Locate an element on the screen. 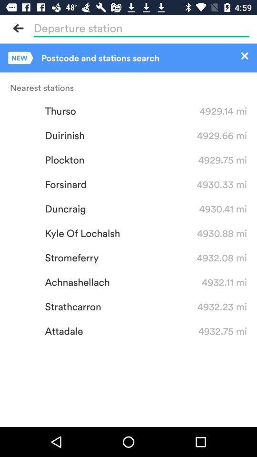  the highlighted area is for entering in your destination information is located at coordinates (141, 28).